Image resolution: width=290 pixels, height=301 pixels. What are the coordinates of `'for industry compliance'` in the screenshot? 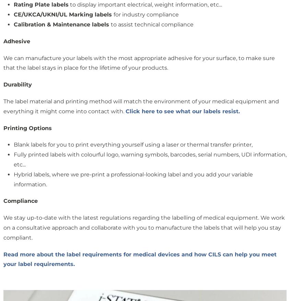 It's located at (113, 14).